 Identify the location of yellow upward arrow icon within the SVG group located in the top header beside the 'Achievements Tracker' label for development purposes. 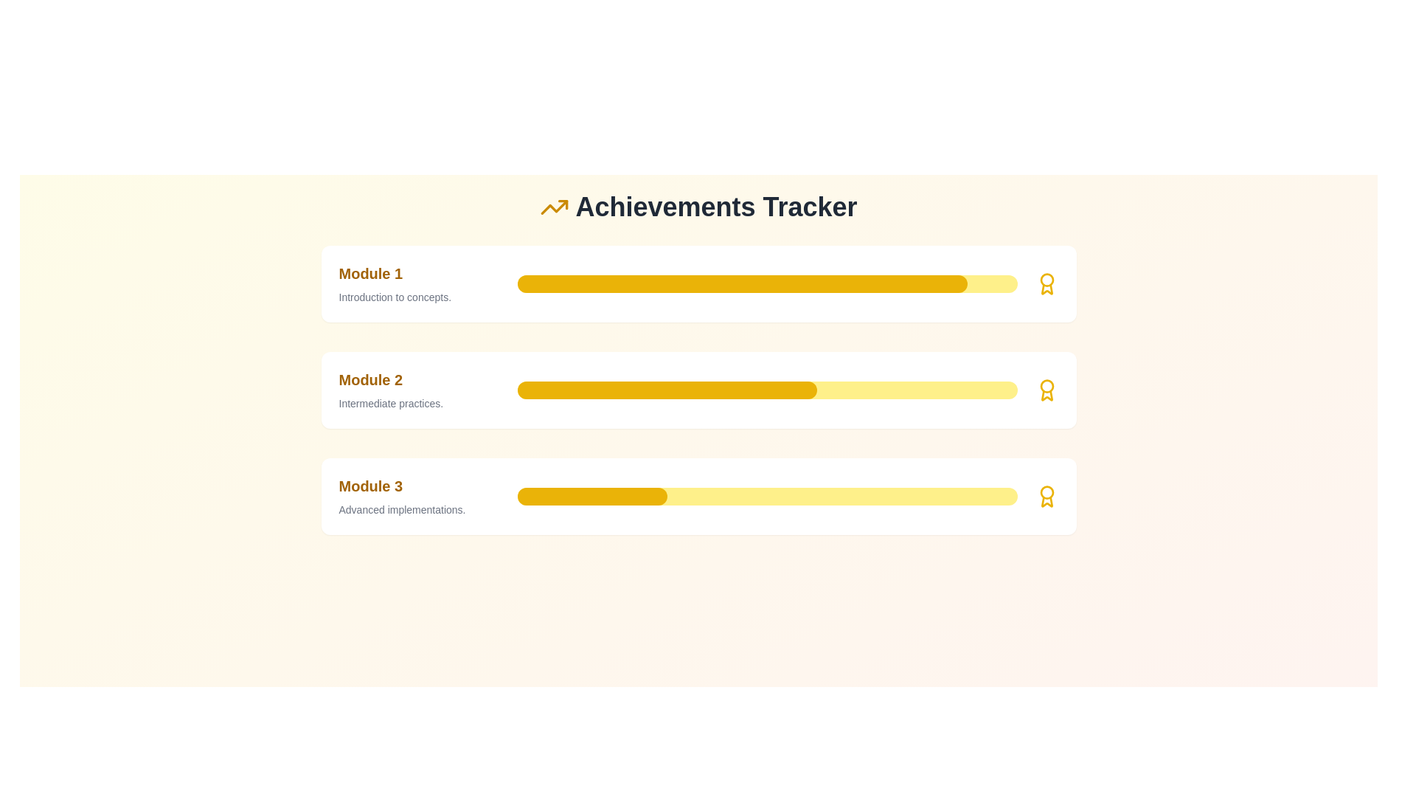
(562, 204).